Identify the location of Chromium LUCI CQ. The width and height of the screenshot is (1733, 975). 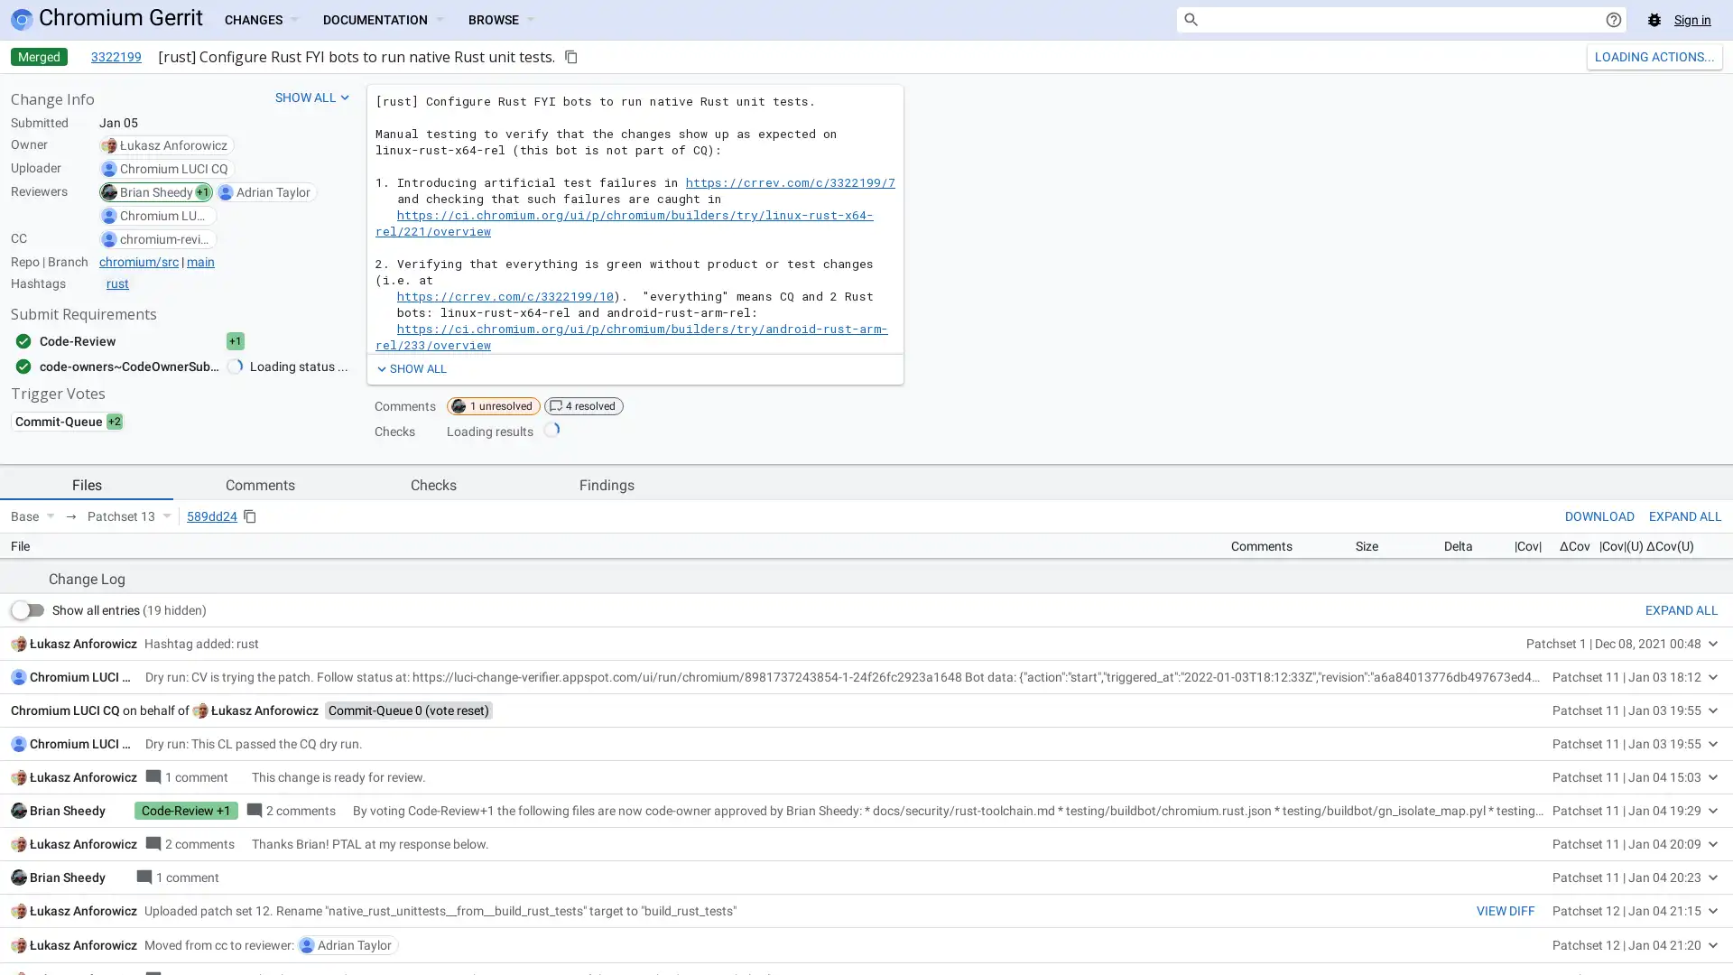
(173, 168).